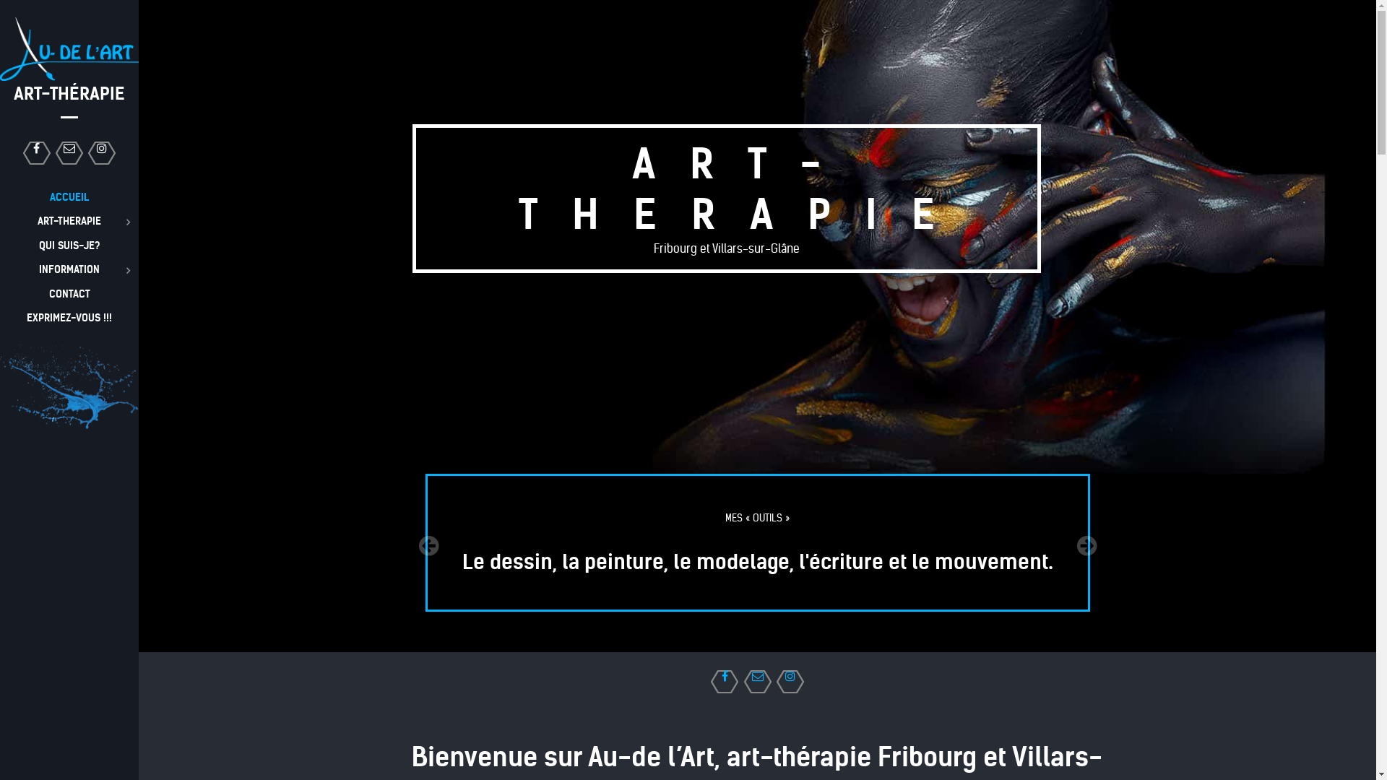 The image size is (1387, 780). What do you see at coordinates (69, 244) in the screenshot?
I see `'QUI SUIS-JE?'` at bounding box center [69, 244].